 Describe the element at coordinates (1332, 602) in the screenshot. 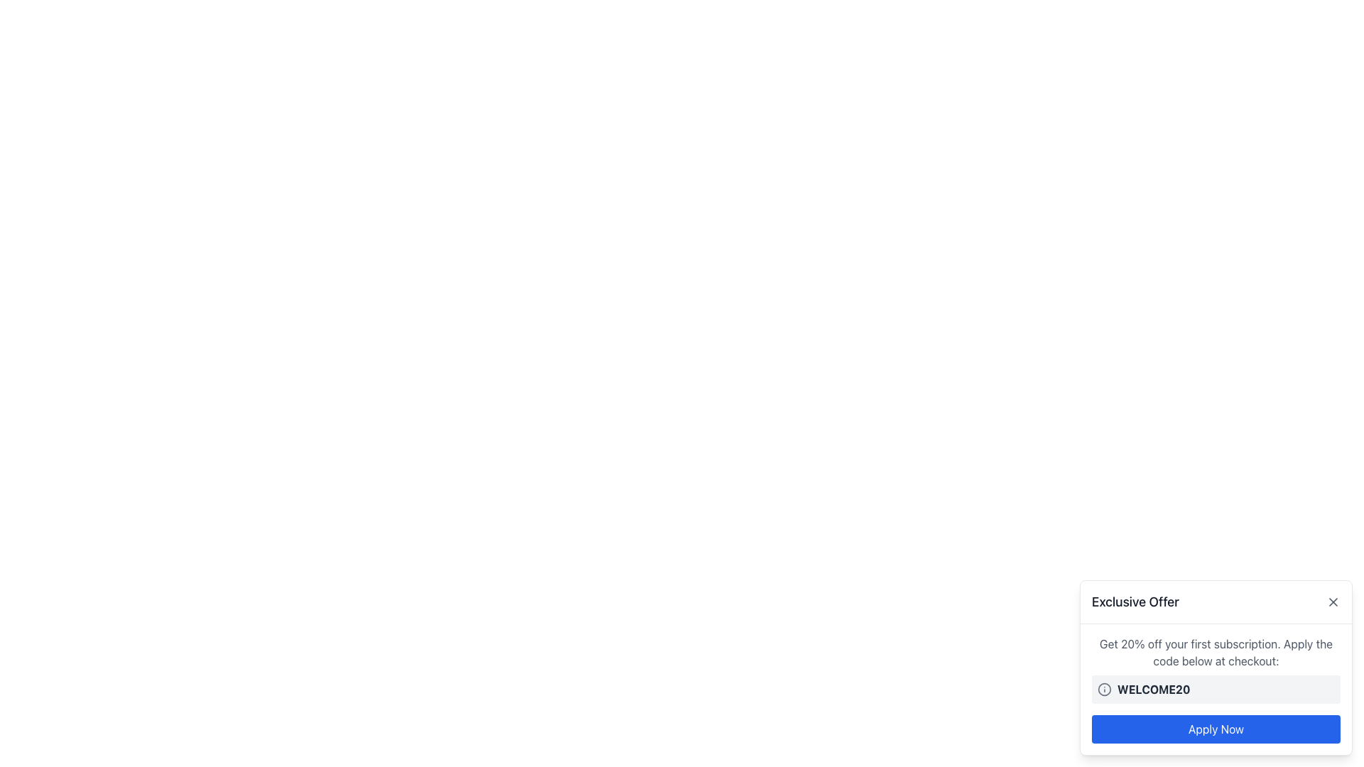

I see `the close button located on the right side of the header section of the popup` at that location.